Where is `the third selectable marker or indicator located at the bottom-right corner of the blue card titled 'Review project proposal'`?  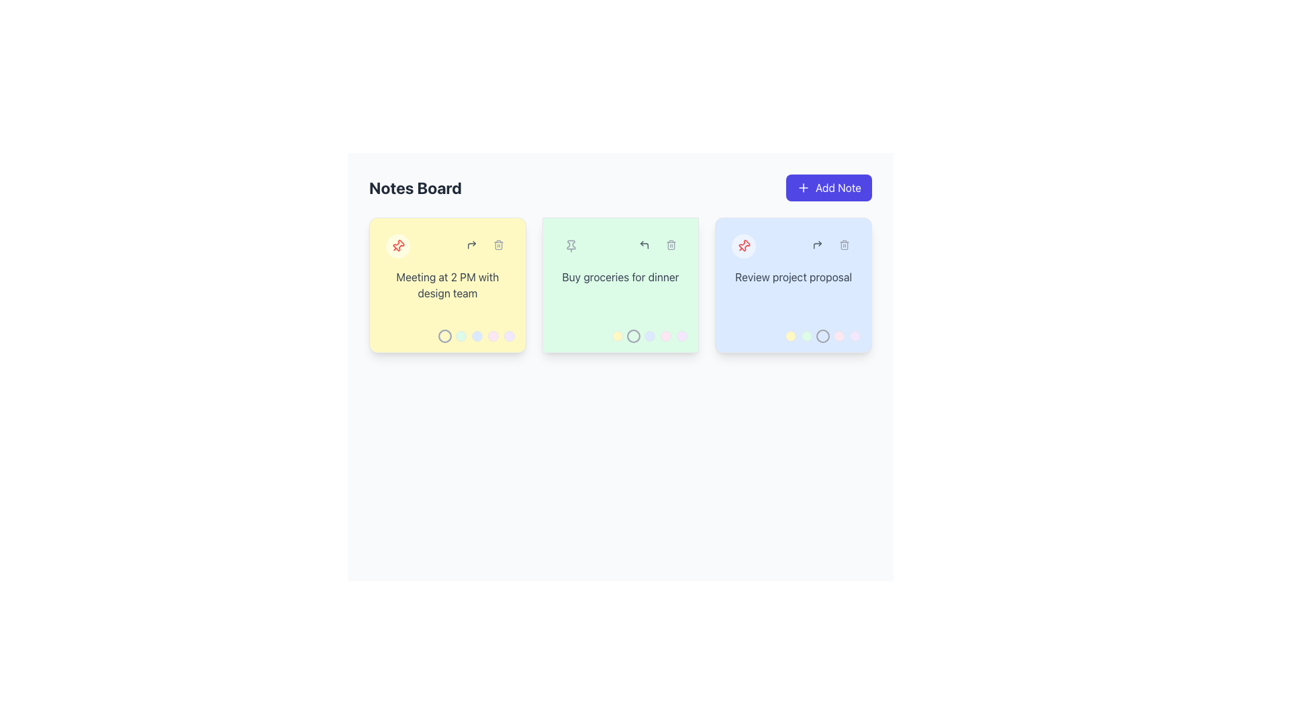
the third selectable marker or indicator located at the bottom-right corner of the blue card titled 'Review project proposal' is located at coordinates (822, 336).